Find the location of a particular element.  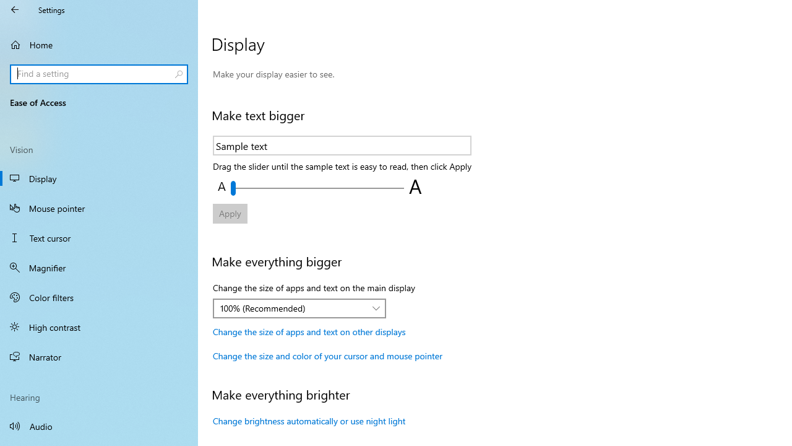

'Mouse pointer' is located at coordinates (99, 207).